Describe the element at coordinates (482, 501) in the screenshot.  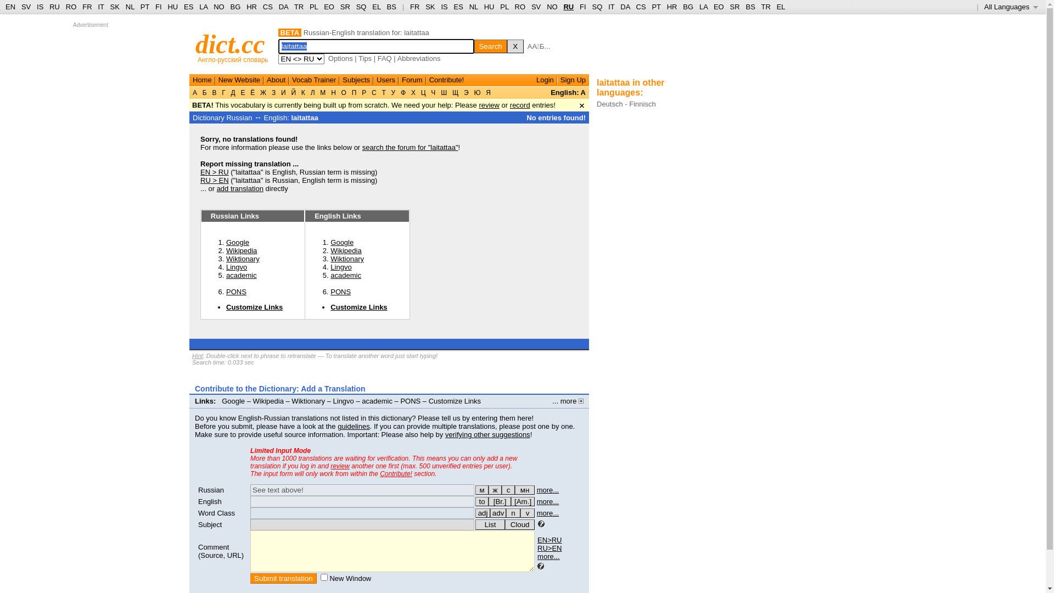
I see `'for verbs'` at that location.